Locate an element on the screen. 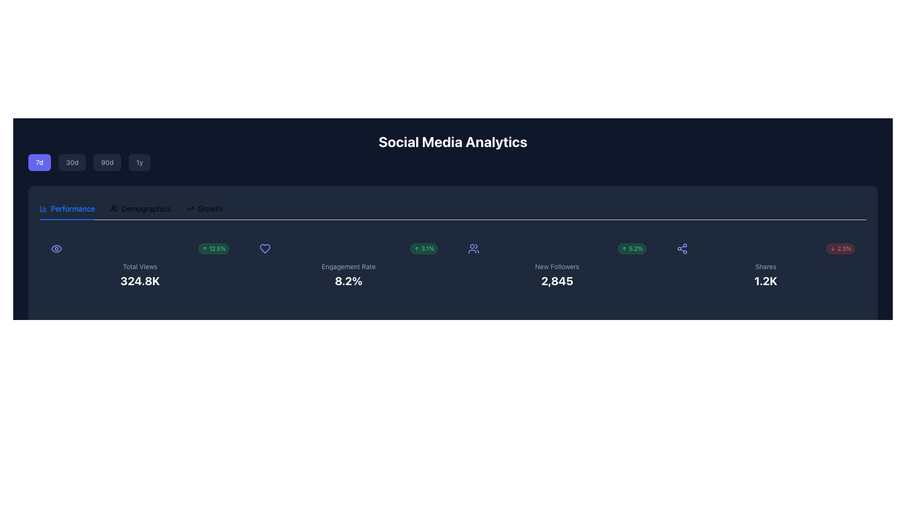  the user-related data icon located in the statistics panel, positioned between the 'Engagement Rate' and 'New Followers' sections is located at coordinates (473, 248).